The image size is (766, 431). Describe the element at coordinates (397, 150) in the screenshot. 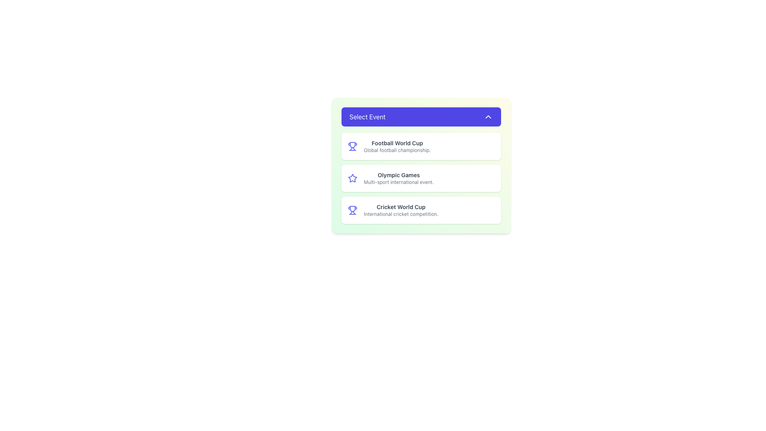

I see `the descriptive label that provides context for the 'Football World Cup' event, located under the event heading and appearing as the second line in its grouping` at that location.